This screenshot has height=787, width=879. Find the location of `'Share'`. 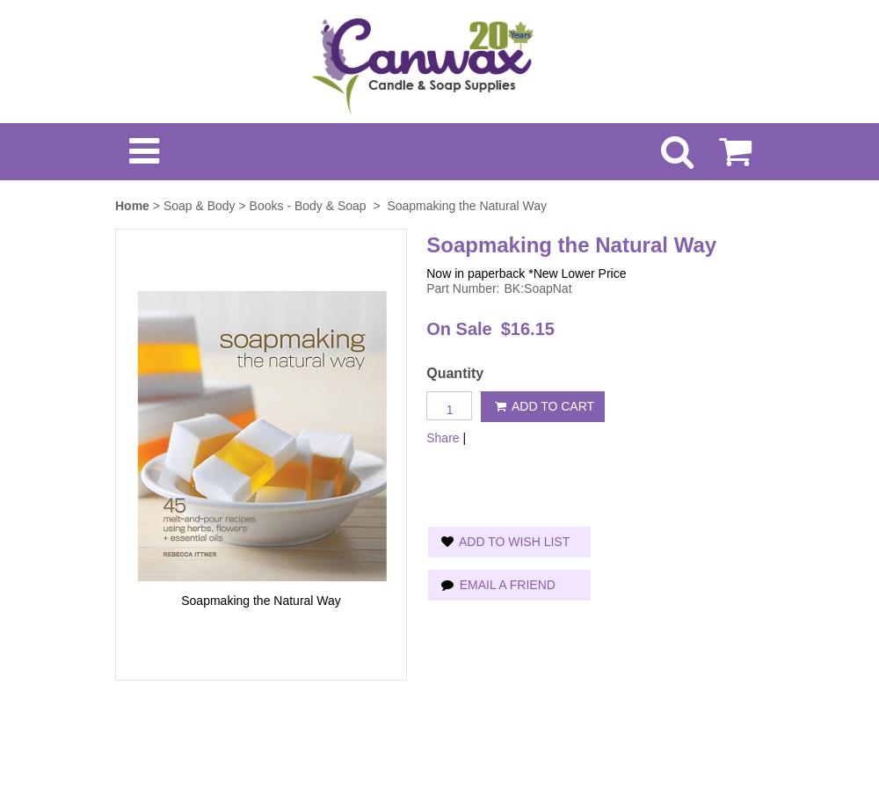

'Share' is located at coordinates (425, 435).